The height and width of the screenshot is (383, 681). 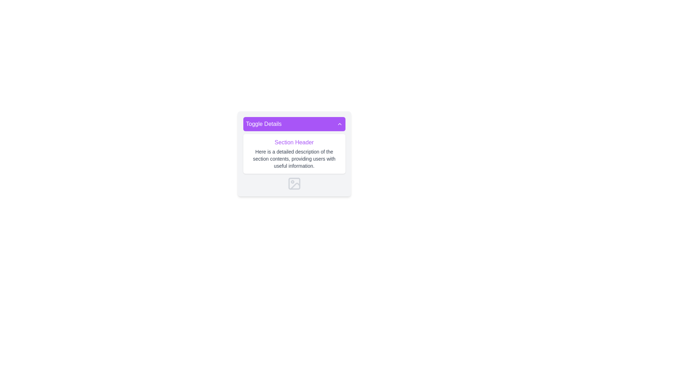 I want to click on the chevron icon located at the rightmost side of the 'Toggle Details' purple header bar, so click(x=339, y=124).